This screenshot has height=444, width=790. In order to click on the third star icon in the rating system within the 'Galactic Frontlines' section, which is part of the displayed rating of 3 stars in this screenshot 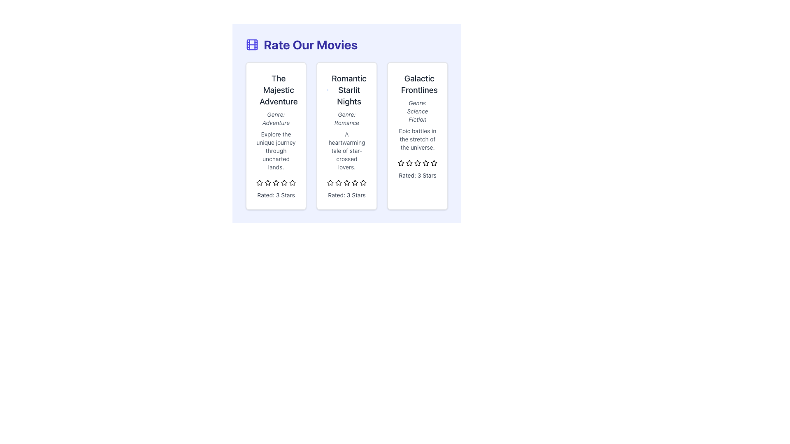, I will do `click(426, 163)`.